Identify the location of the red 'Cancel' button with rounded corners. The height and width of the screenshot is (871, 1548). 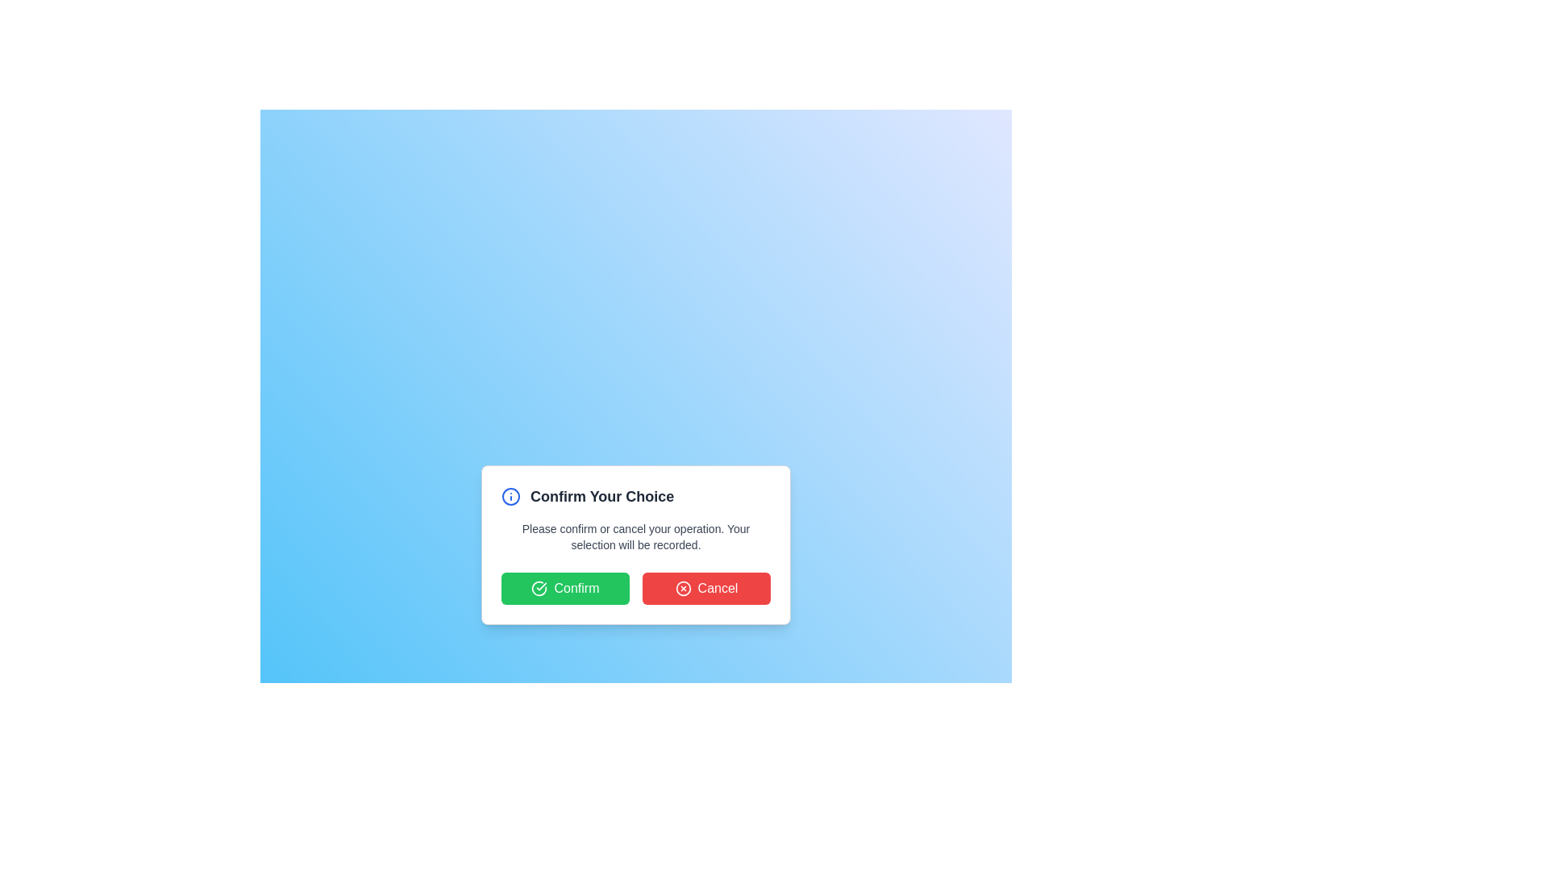
(706, 588).